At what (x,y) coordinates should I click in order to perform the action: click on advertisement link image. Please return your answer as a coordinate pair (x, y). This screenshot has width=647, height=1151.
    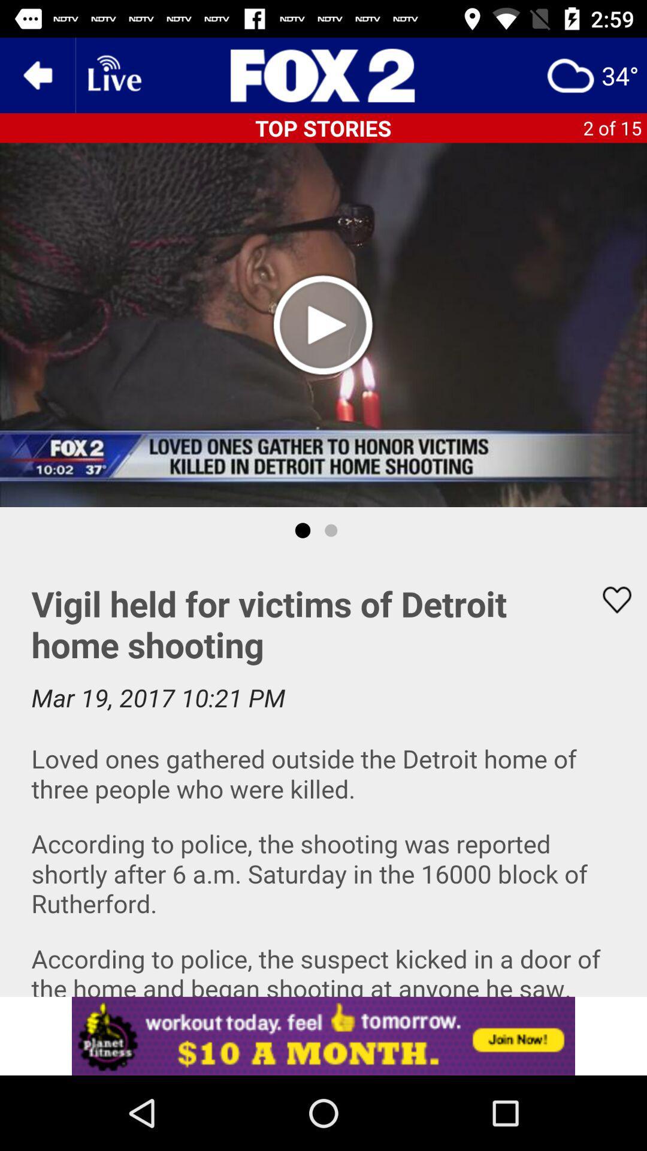
    Looking at the image, I should click on (323, 1035).